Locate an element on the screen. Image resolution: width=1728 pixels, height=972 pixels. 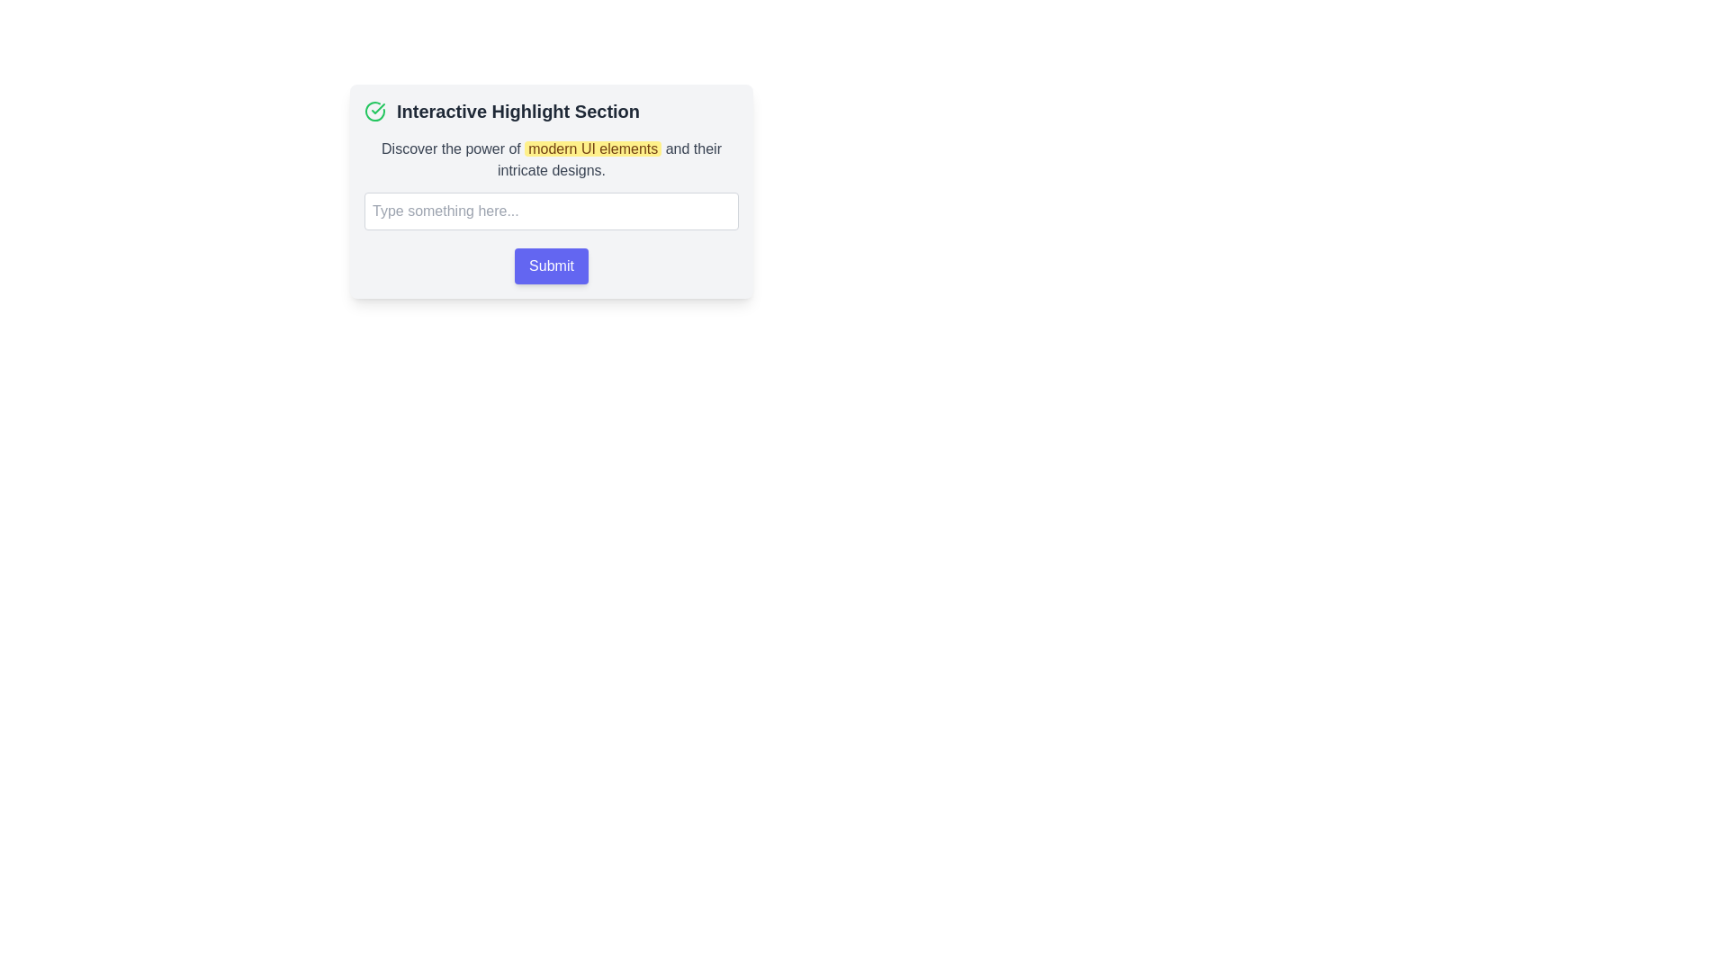
the submission button located at the lower part of the 'Interactive Highlight Section' is located at coordinates (551, 266).